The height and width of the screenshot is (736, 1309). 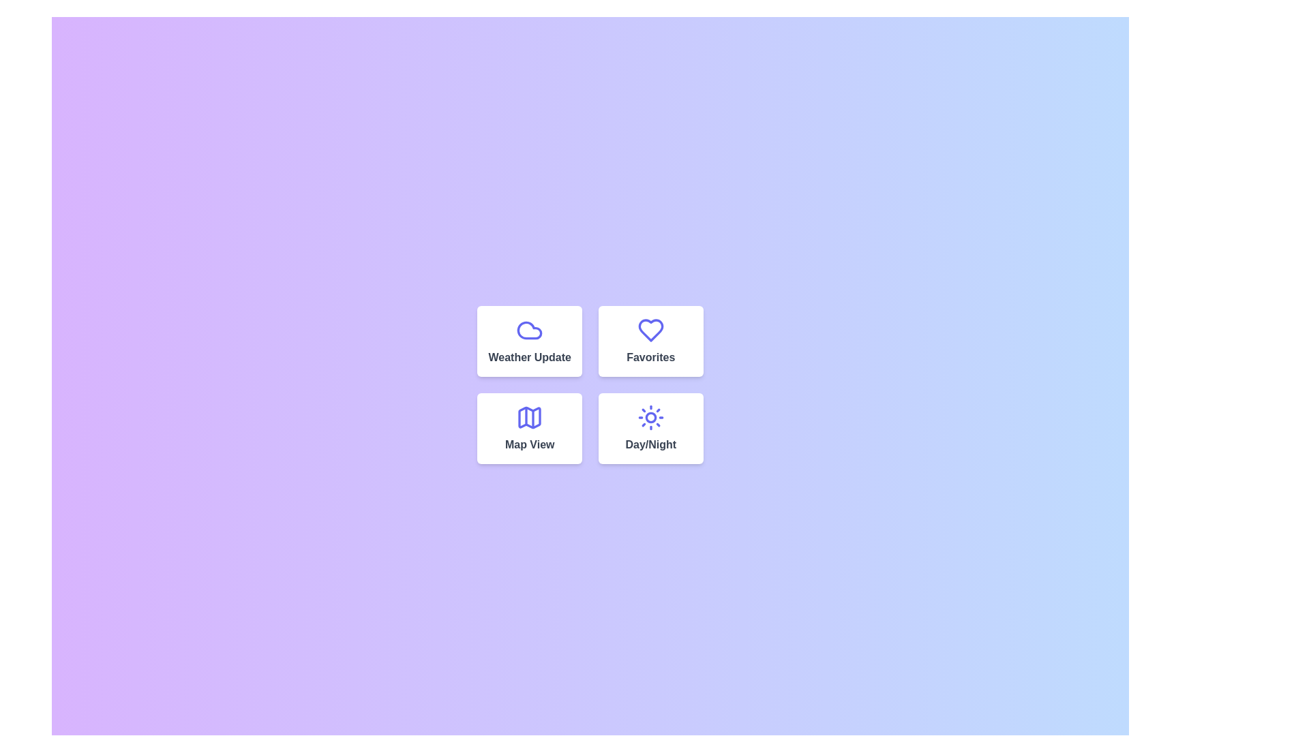 What do you see at coordinates (650, 341) in the screenshot?
I see `the favorites button located as the second item in the top row of a 2x2 grid layout, which follows 'Weather Update' and is above 'Day/Night'` at bounding box center [650, 341].